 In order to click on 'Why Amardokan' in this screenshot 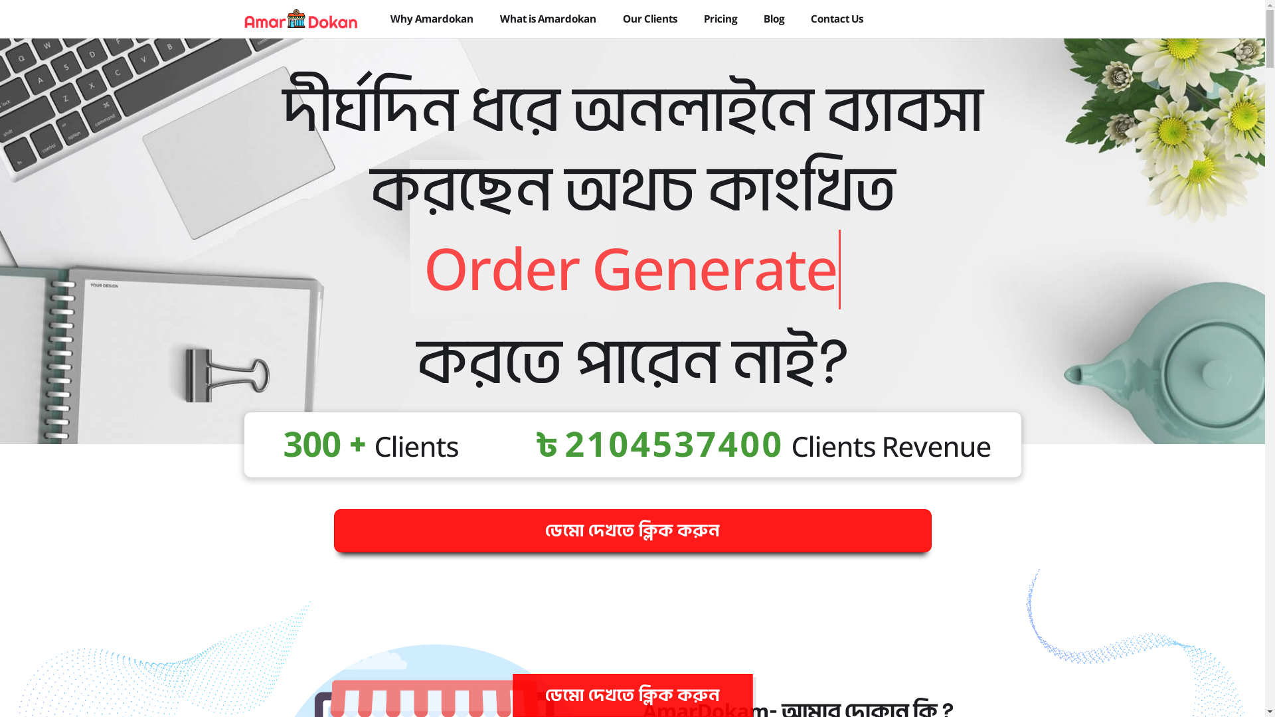, I will do `click(432, 19)`.